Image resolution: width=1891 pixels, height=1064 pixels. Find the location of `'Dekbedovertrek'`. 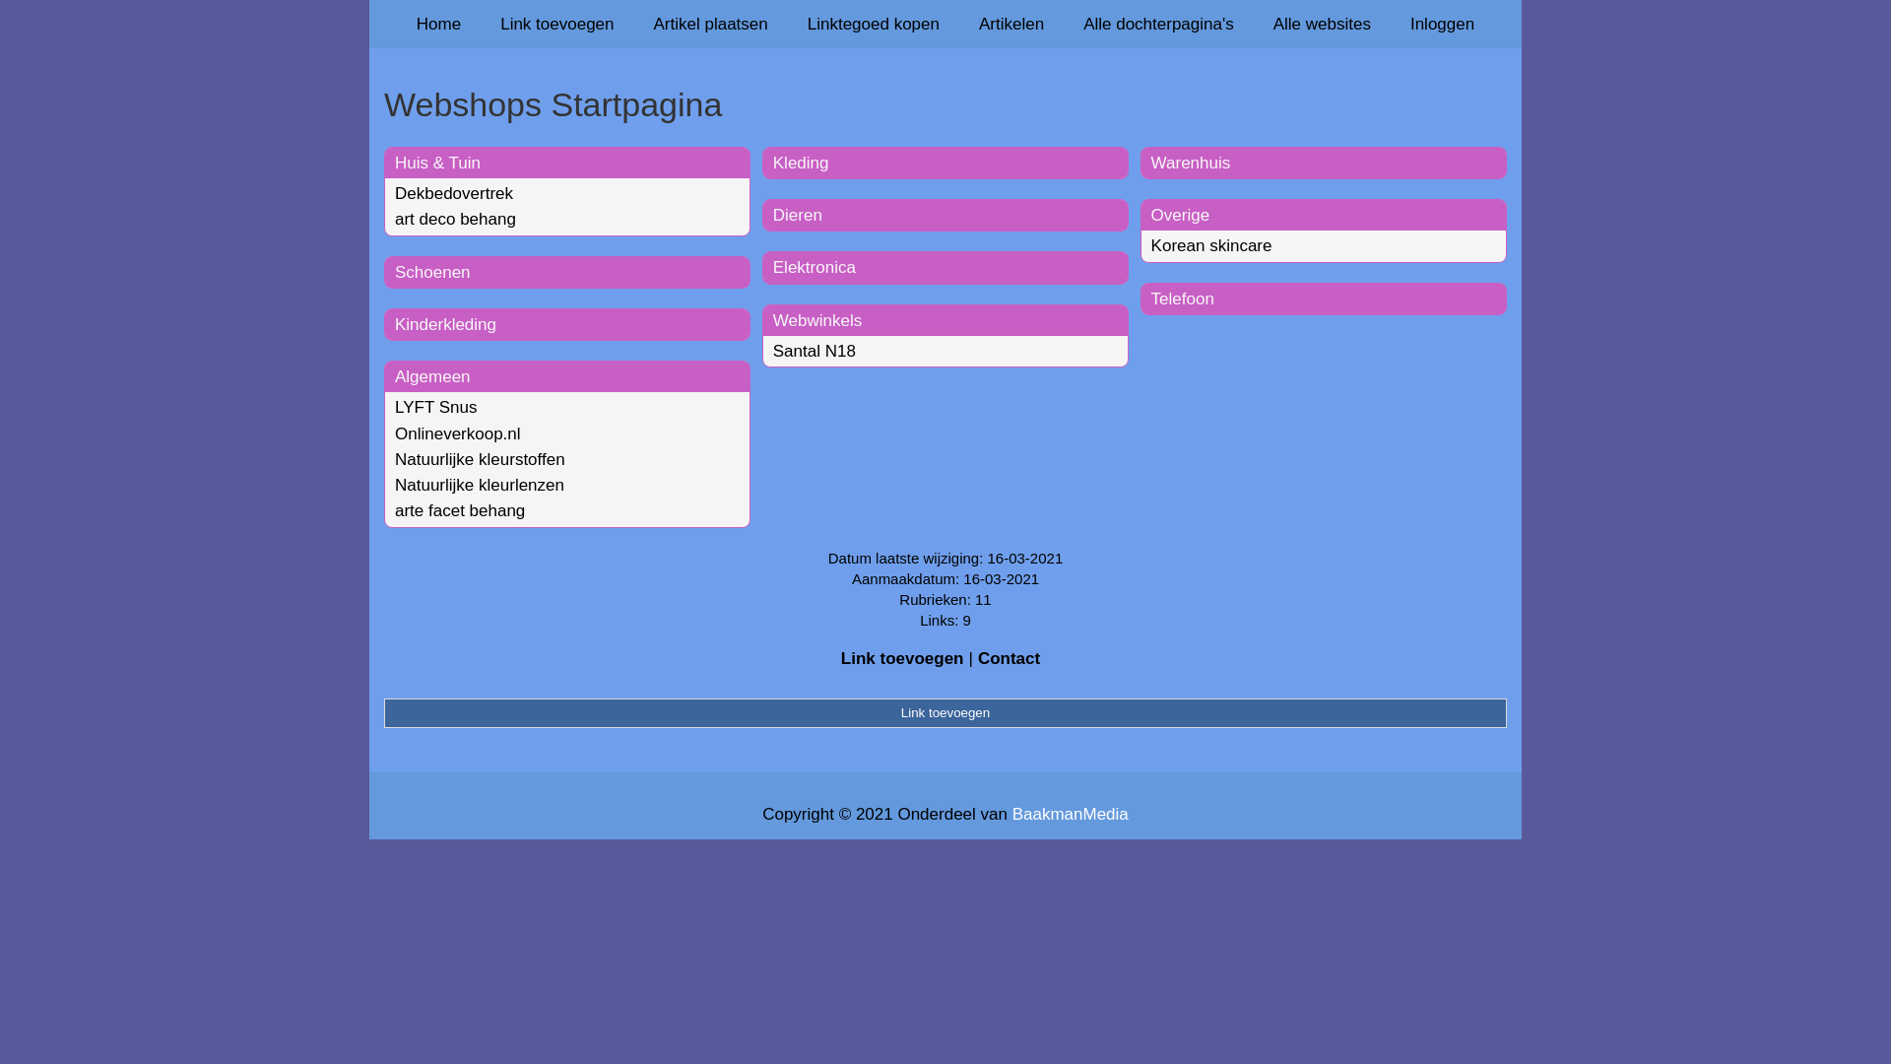

'Dekbedovertrek' is located at coordinates (452, 193).